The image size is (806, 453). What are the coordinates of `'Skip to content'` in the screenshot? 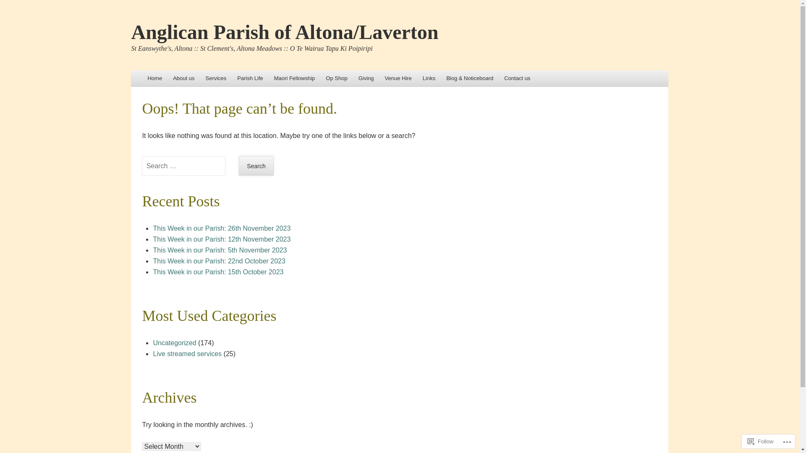 It's located at (154, 78).